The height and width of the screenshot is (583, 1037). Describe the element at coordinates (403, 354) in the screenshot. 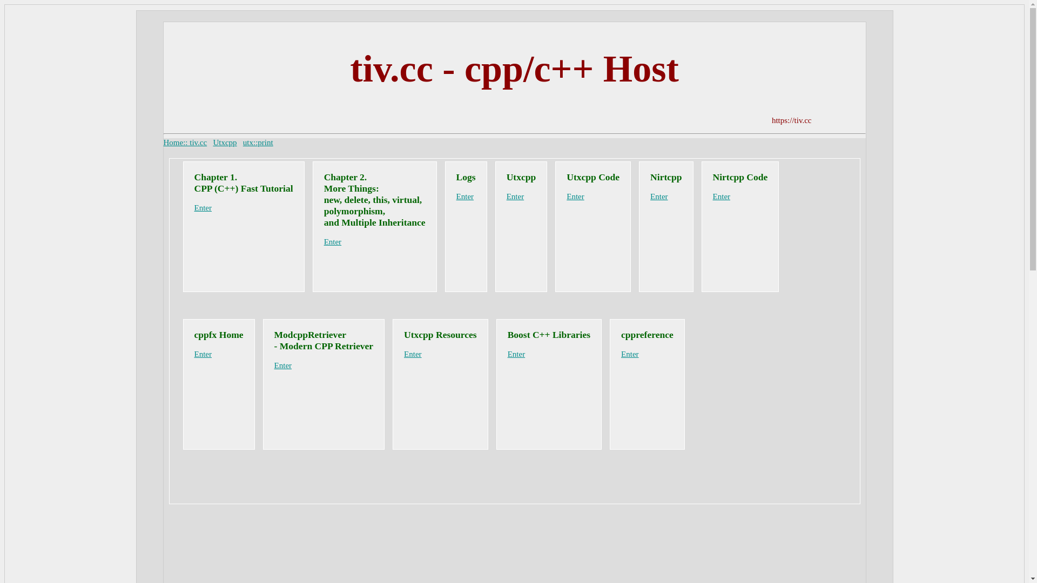

I see `'Enter'` at that location.